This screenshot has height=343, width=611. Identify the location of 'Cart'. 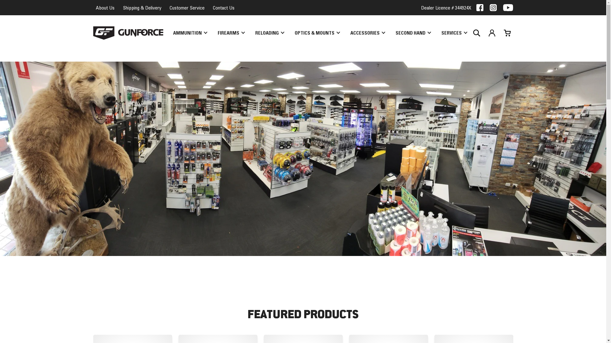
(501, 33).